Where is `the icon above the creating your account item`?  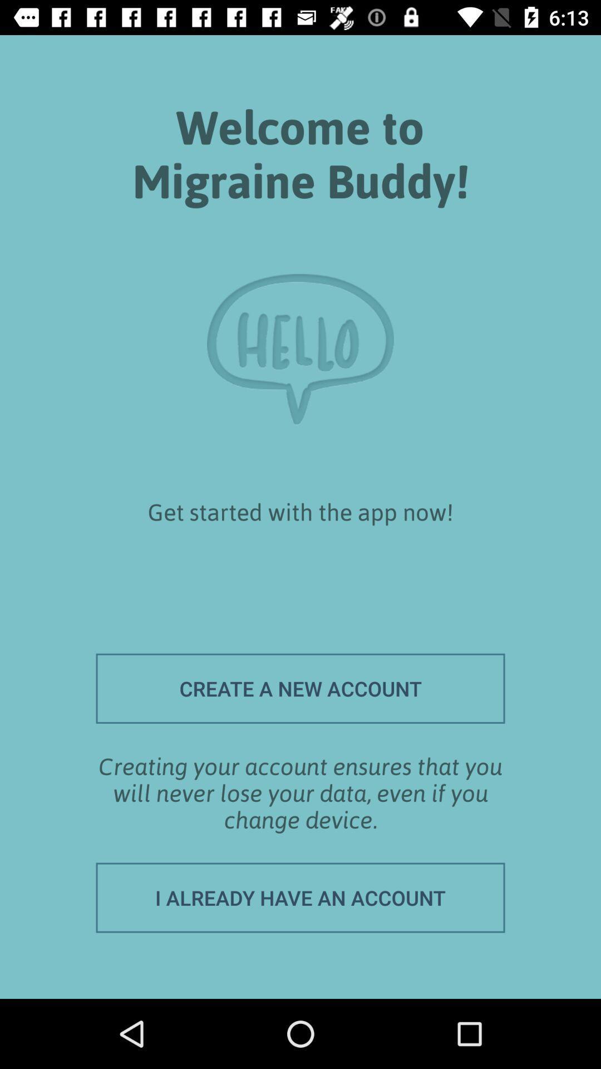 the icon above the creating your account item is located at coordinates (300, 688).